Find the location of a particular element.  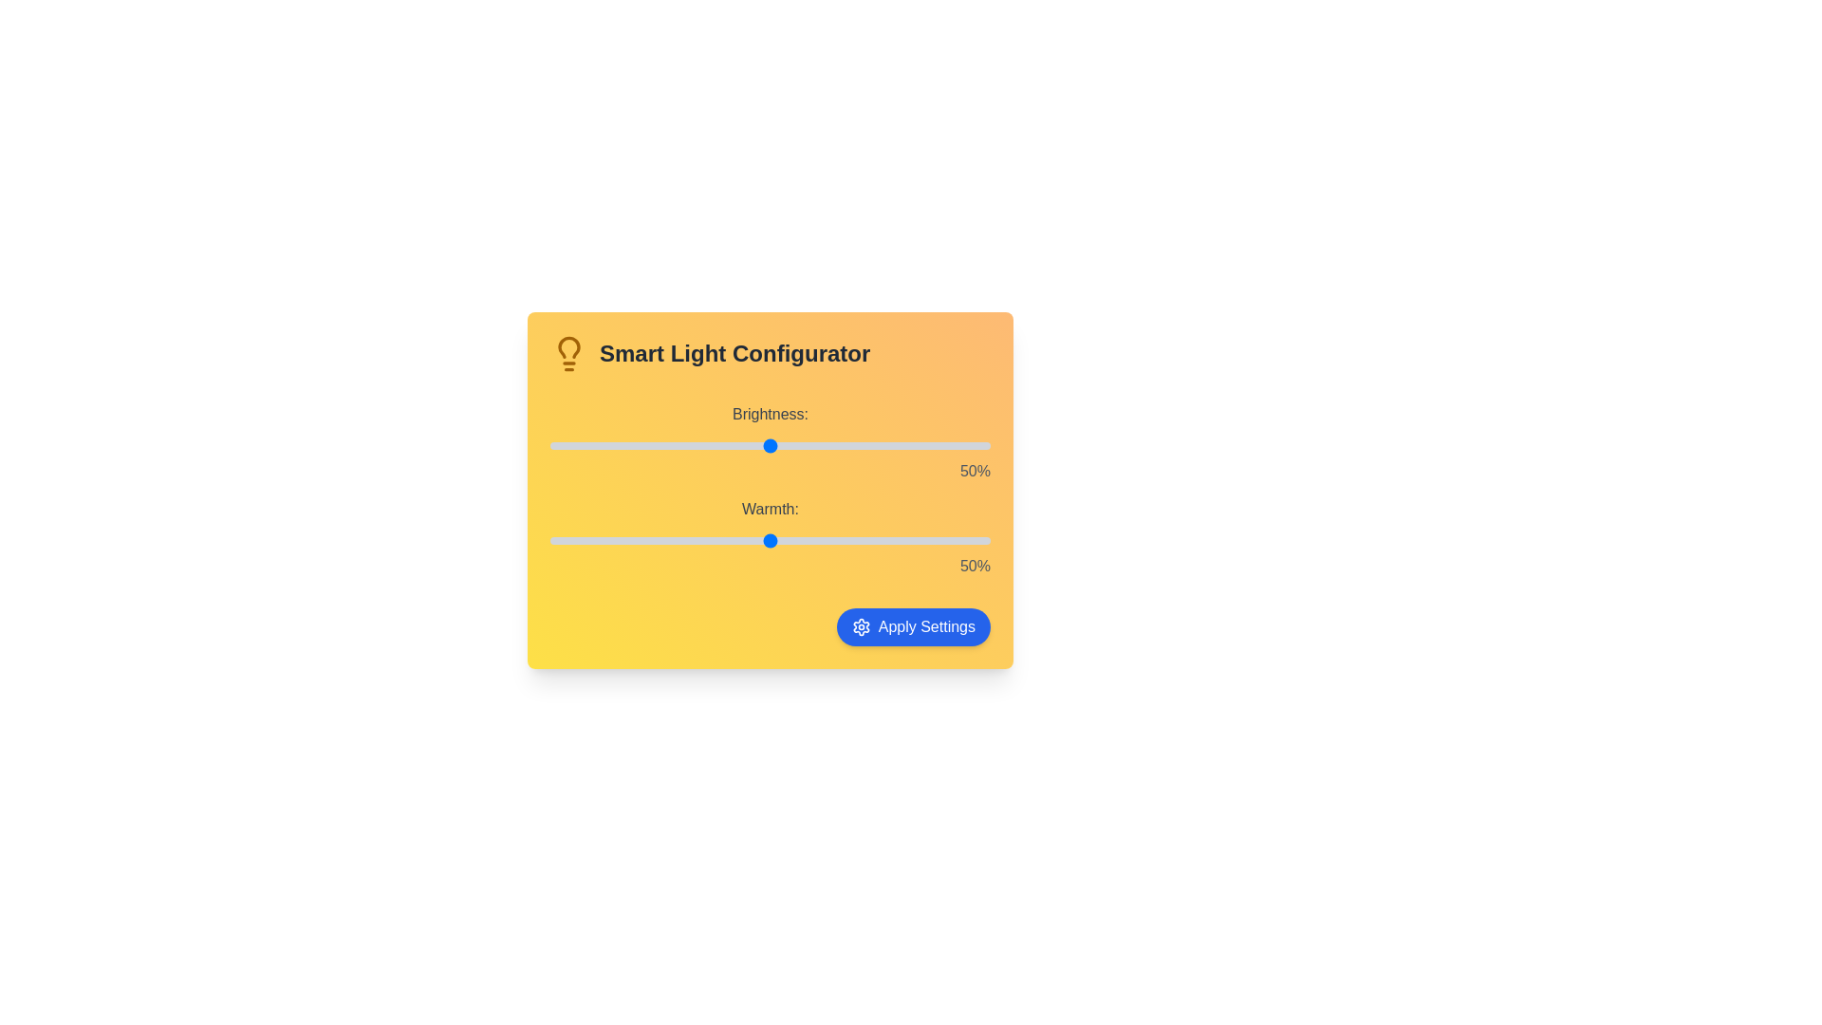

text displayed on the 'Apply Settings' button, which is styled with a blue background and contains white text is located at coordinates (926, 626).